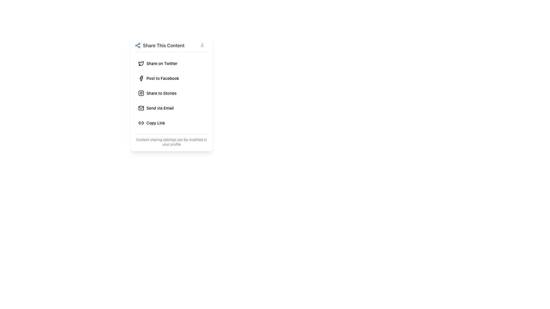  What do you see at coordinates (141, 78) in the screenshot?
I see `the Facebook icon, which features a minimalist 'f' logo, located to the left of the text 'Post to Facebook' in the share menu` at bounding box center [141, 78].